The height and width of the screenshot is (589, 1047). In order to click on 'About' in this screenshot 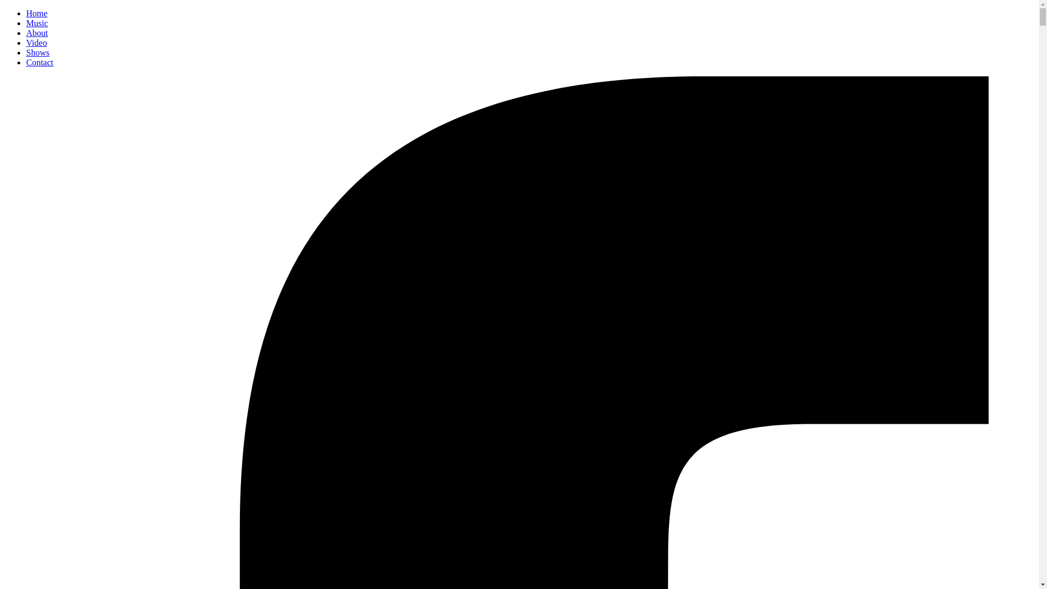, I will do `click(37, 32)`.